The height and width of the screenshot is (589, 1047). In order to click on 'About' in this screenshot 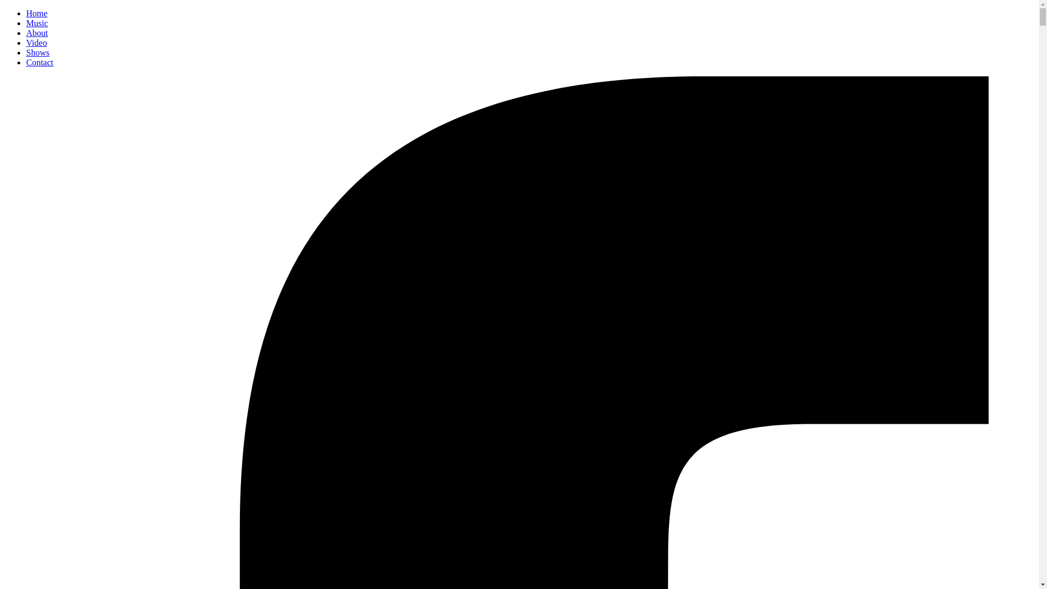, I will do `click(37, 32)`.